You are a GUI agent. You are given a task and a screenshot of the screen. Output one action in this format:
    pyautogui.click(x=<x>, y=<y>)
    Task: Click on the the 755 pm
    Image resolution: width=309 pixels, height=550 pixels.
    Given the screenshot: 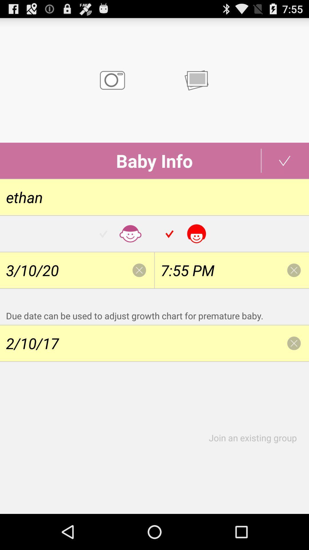 What is the action you would take?
    pyautogui.click(x=232, y=270)
    